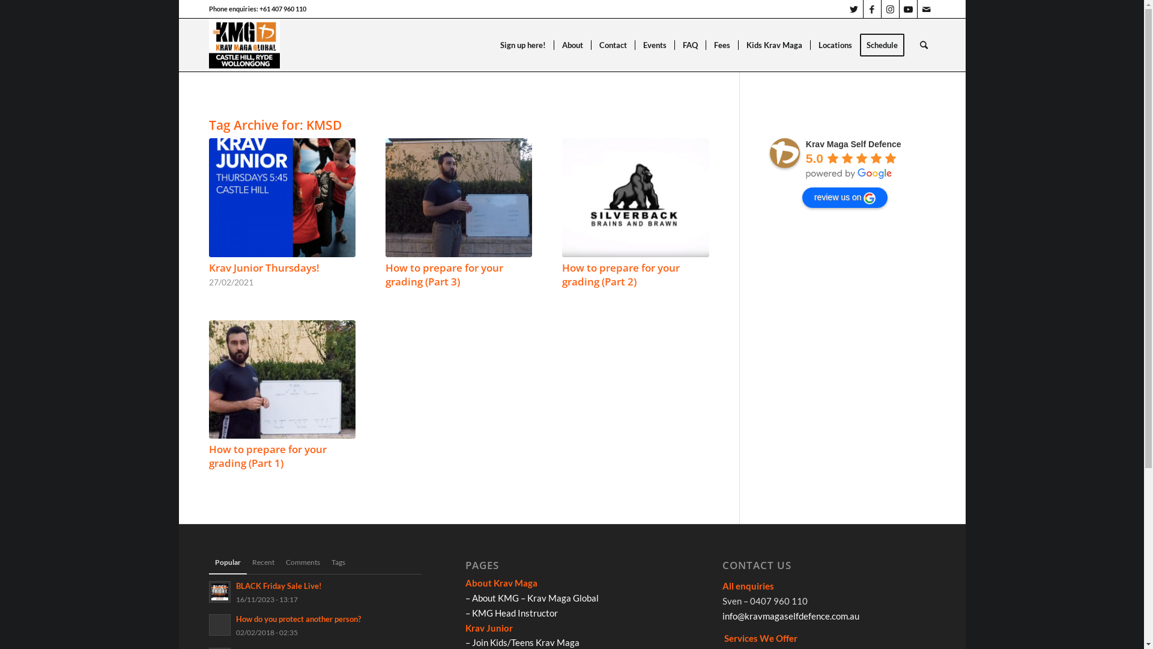 This screenshot has height=649, width=1153. Describe the element at coordinates (572, 44) in the screenshot. I see `'About'` at that location.